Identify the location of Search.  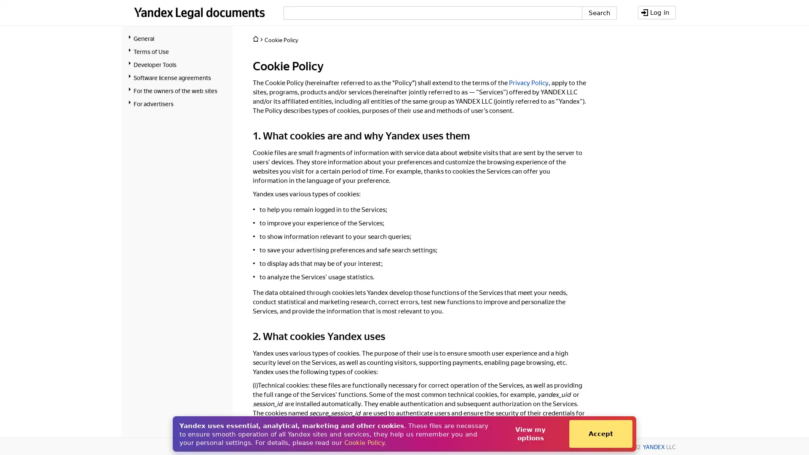
(598, 13).